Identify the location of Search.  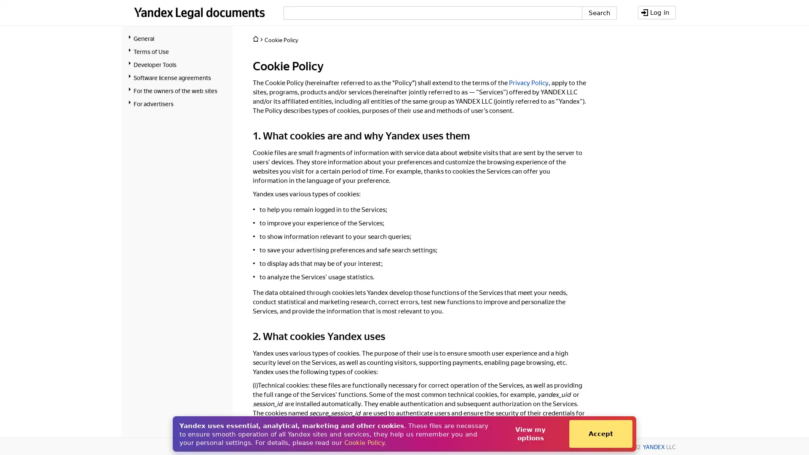
(598, 13).